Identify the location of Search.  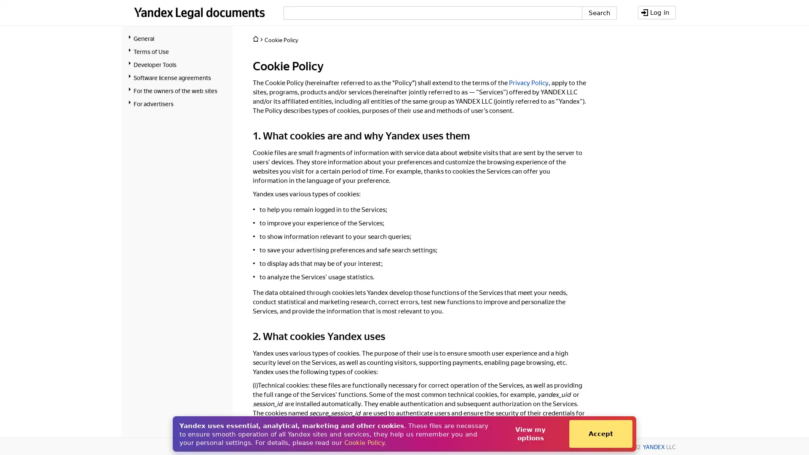
(598, 13).